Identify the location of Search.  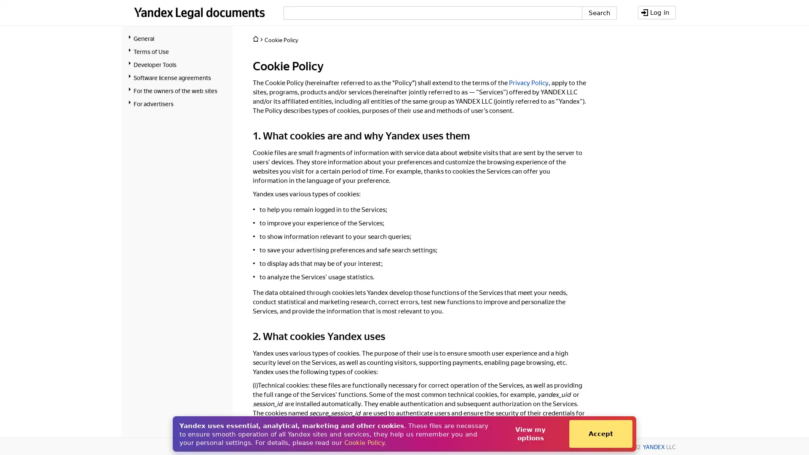
(598, 13).